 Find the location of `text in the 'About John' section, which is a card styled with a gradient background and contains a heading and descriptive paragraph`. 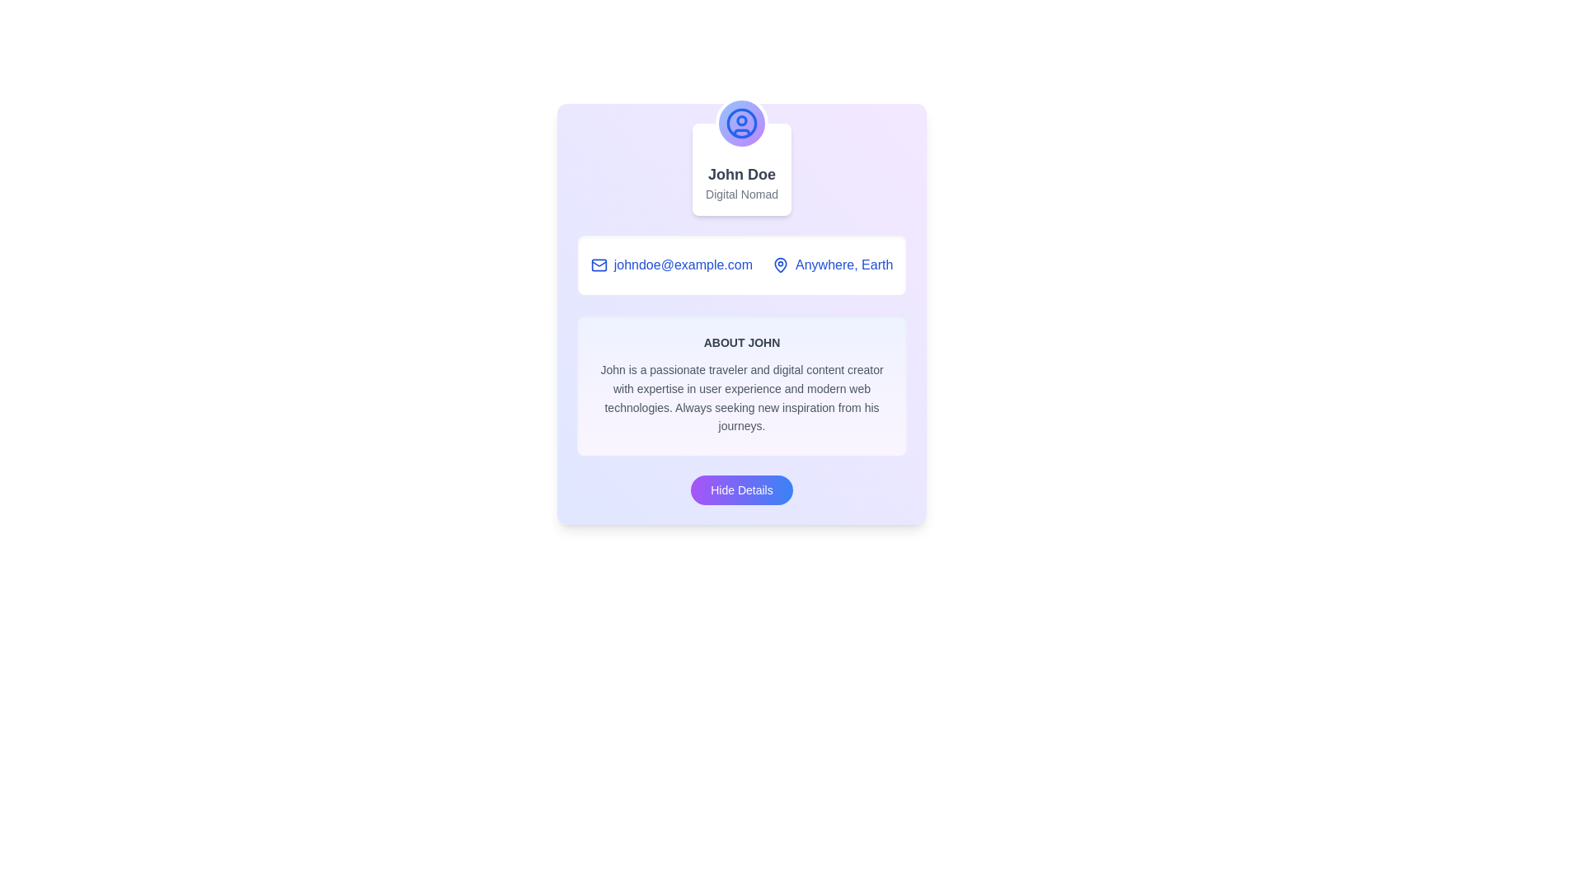

text in the 'About John' section, which is a card styled with a gradient background and contains a heading and descriptive paragraph is located at coordinates (741, 385).